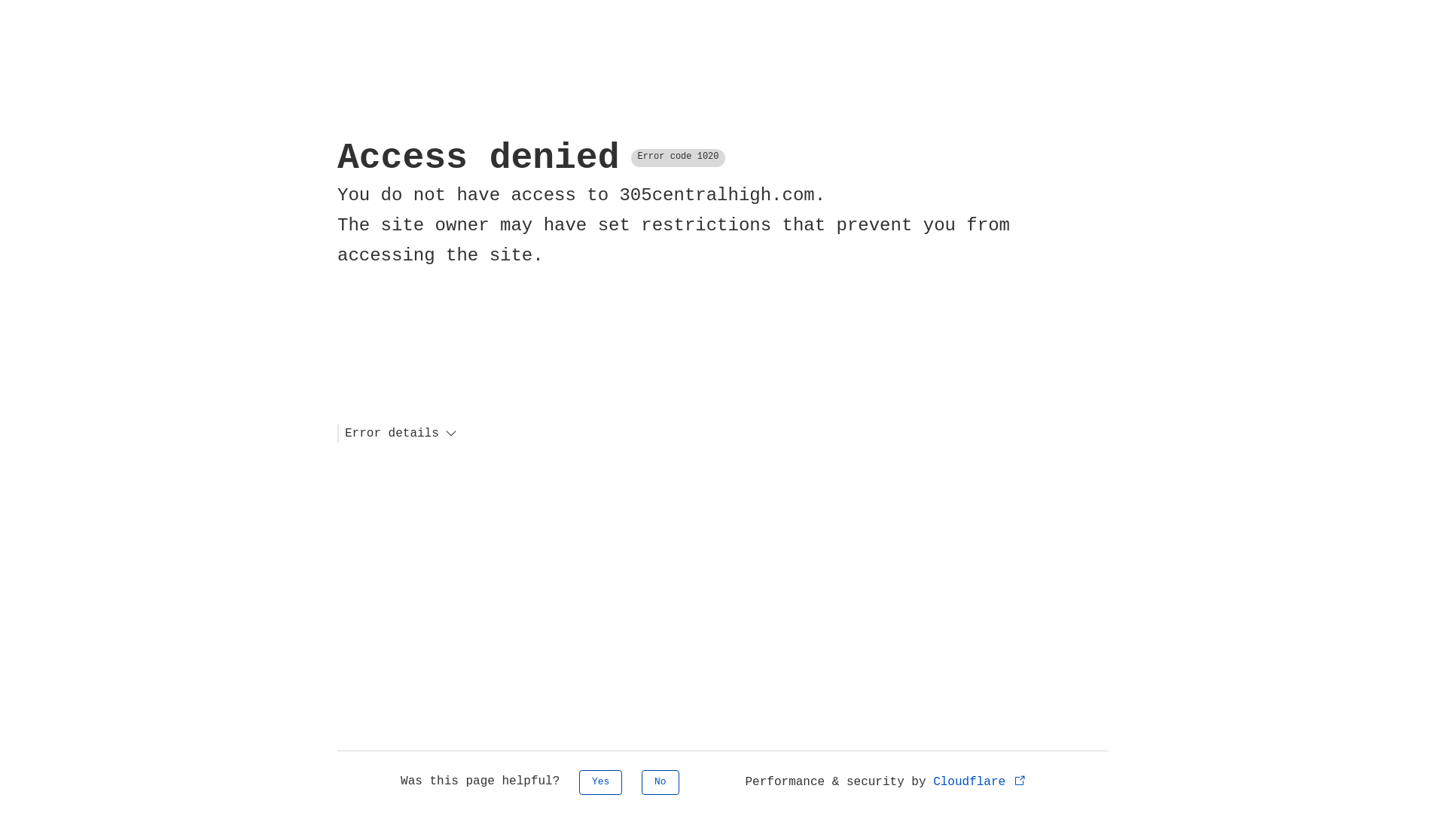 The height and width of the screenshot is (813, 1446). I want to click on 'Cloudflare', so click(980, 781).